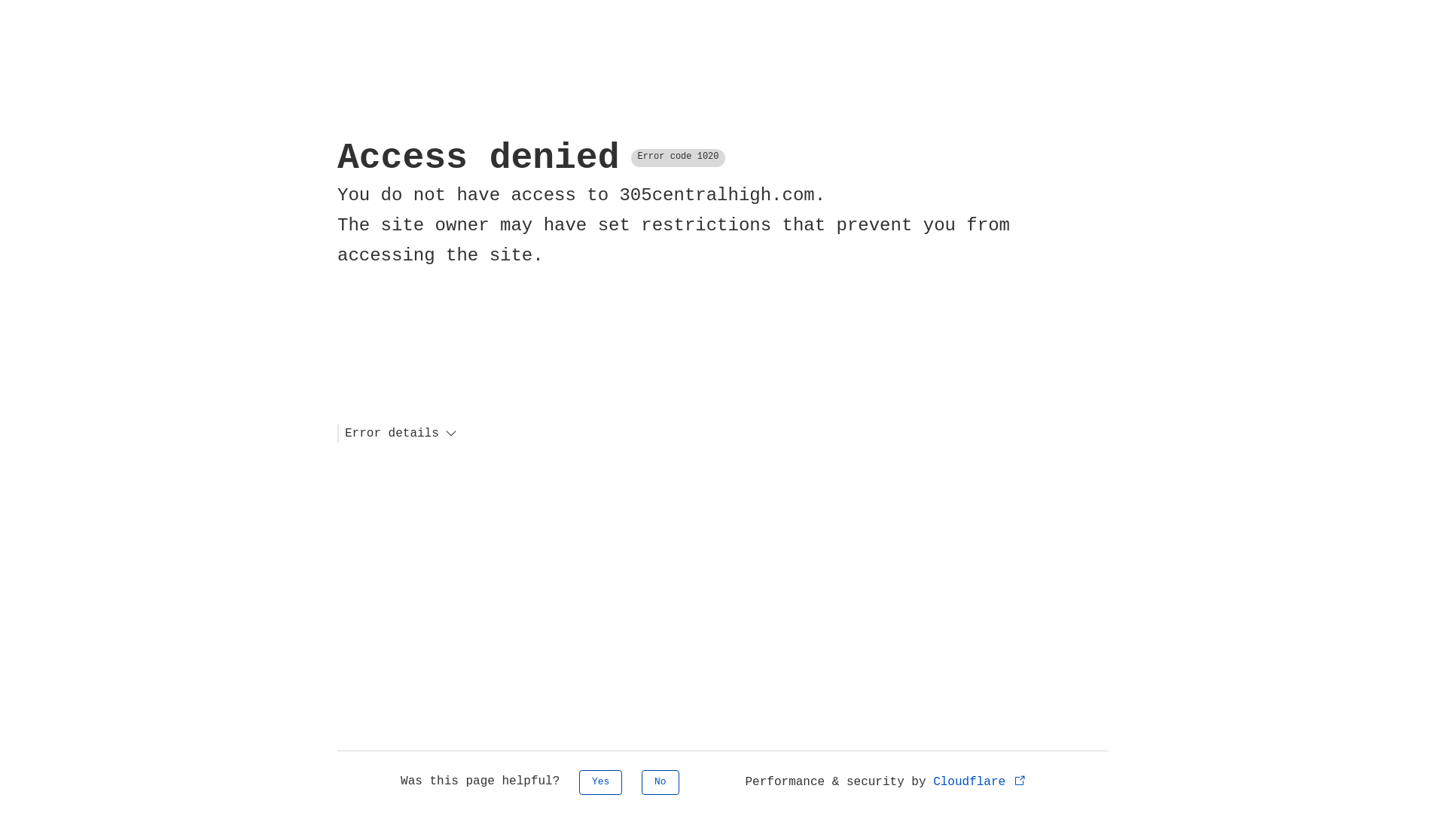 The height and width of the screenshot is (813, 1446). I want to click on 'Cloudflare', so click(980, 781).